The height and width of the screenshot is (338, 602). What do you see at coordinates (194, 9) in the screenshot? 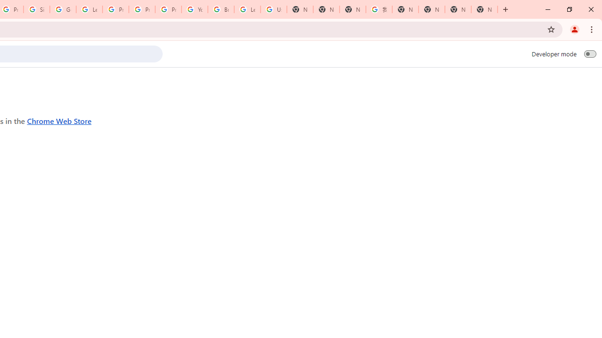
I see `'YouTube'` at bounding box center [194, 9].